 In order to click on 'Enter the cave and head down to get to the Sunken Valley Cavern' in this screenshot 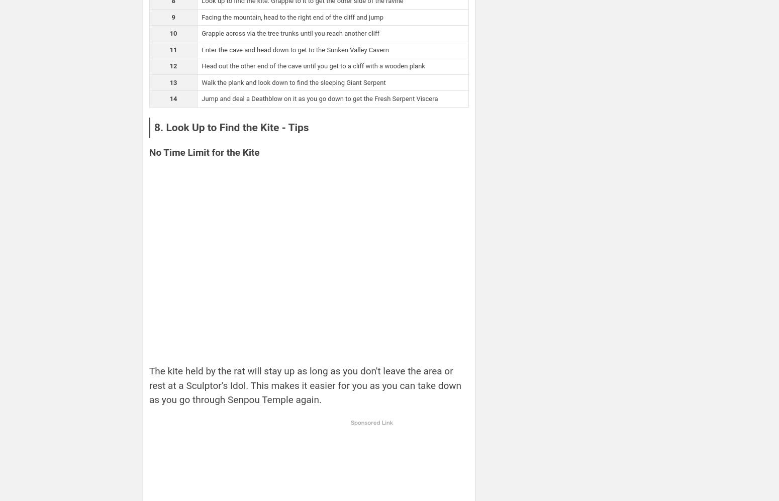, I will do `click(295, 49)`.